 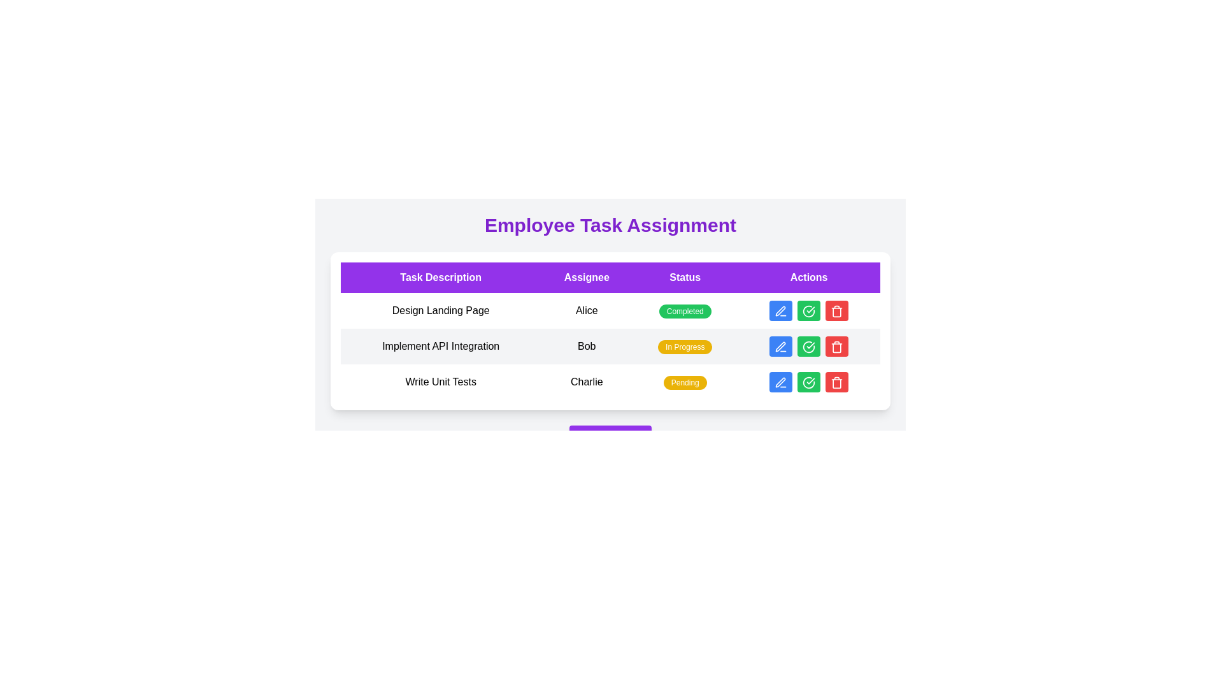 I want to click on the Text label header 'Assignee', which is a purple rectangular box containing white text, located in the grid header row between 'Task Description' and 'Status', so click(x=586, y=276).